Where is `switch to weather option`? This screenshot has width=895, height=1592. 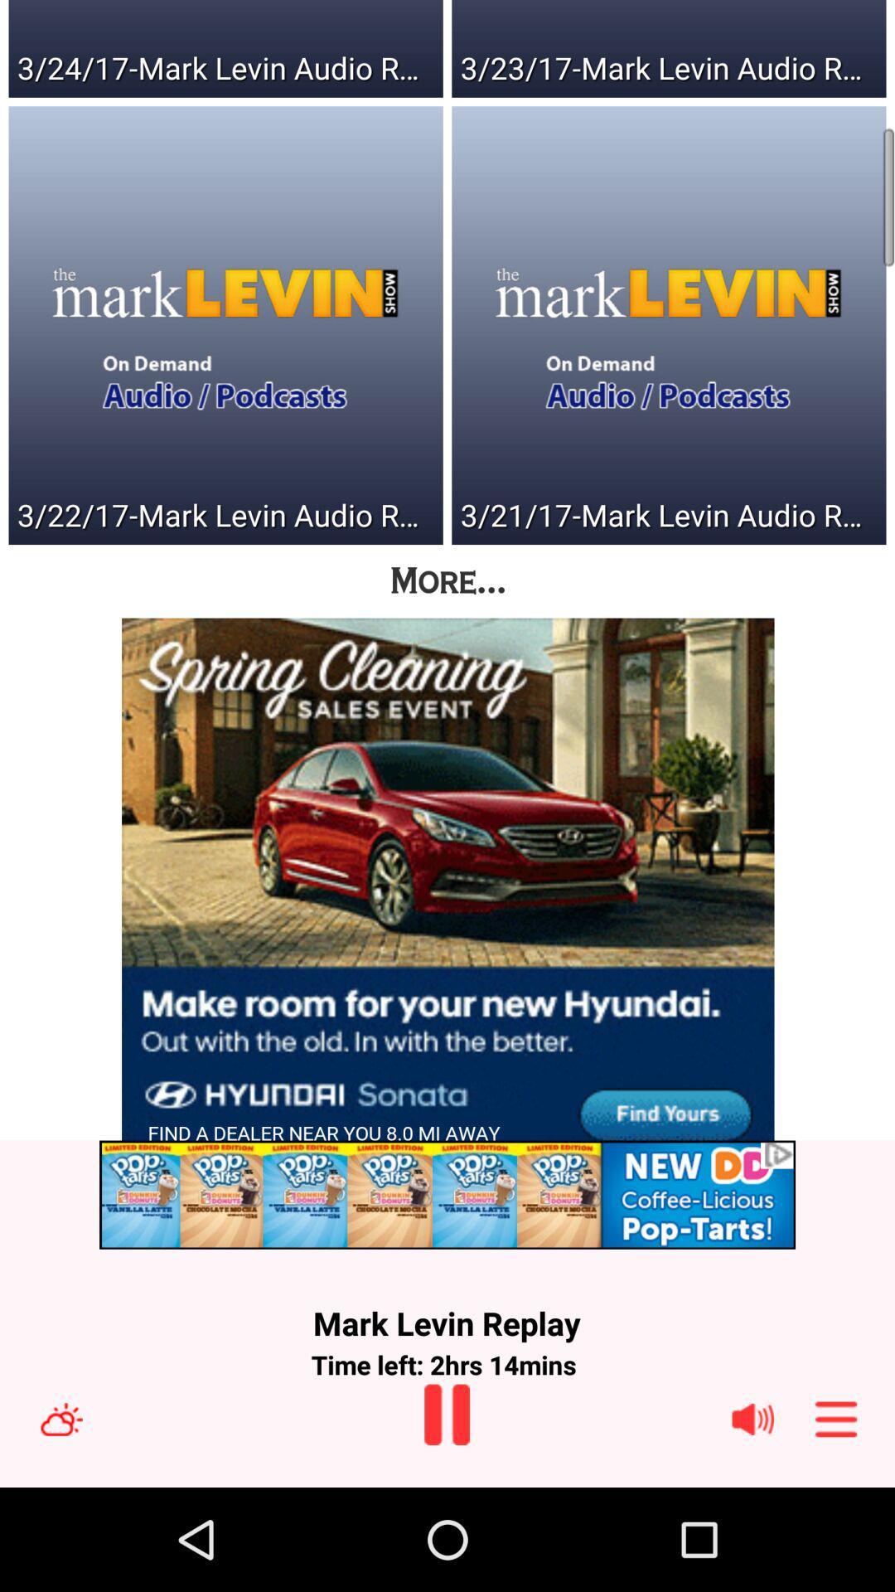
switch to weather option is located at coordinates (60, 1418).